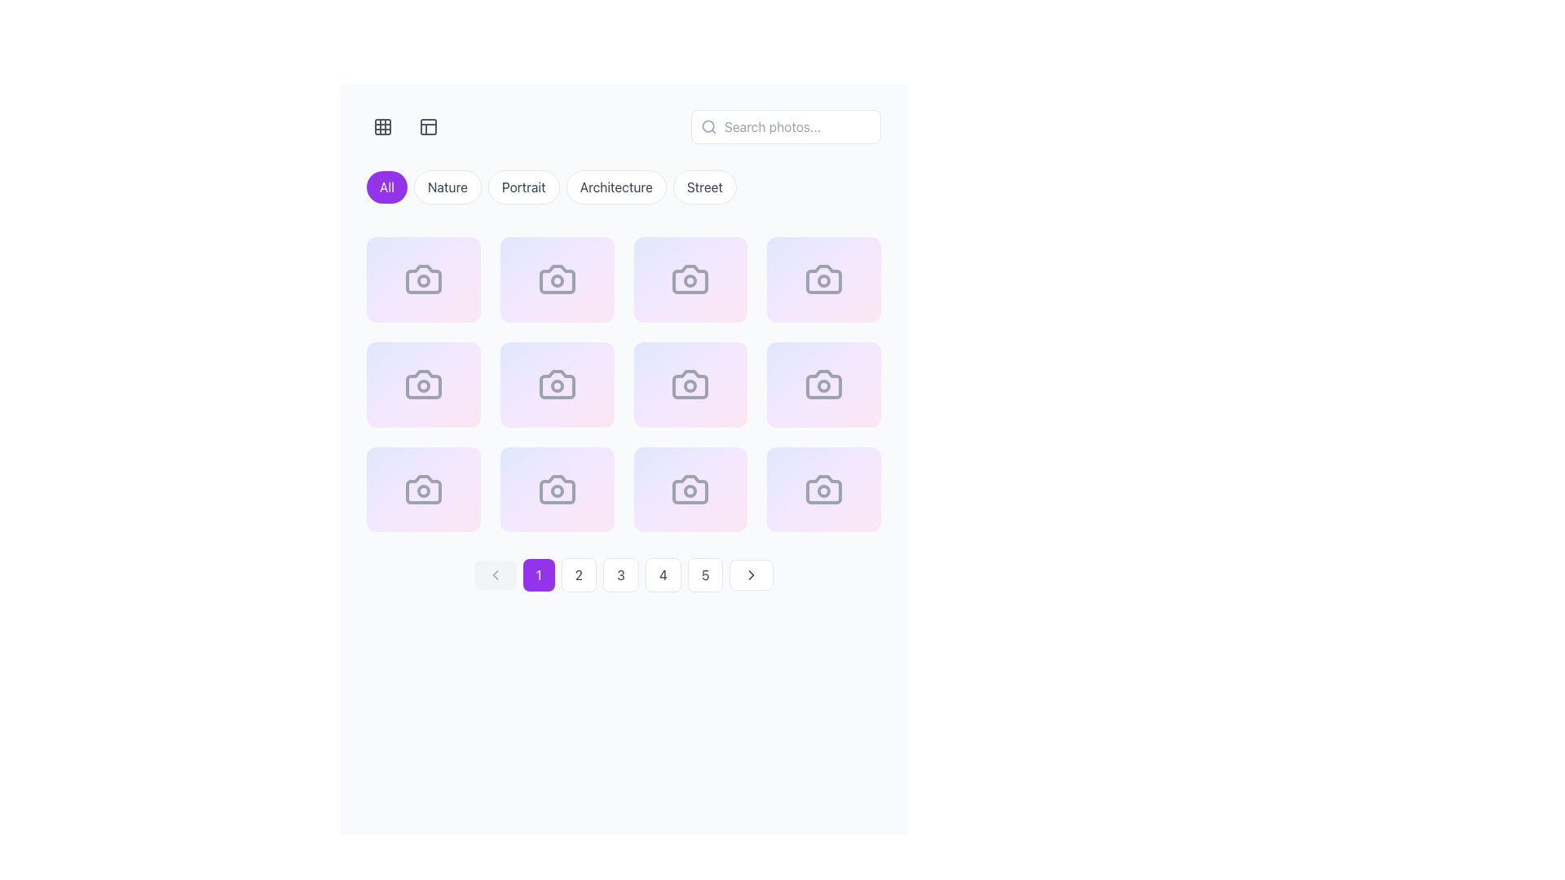 The height and width of the screenshot is (880, 1565). What do you see at coordinates (423, 279) in the screenshot?
I see `the camera icon located in the top-left quadrant of the grid layout` at bounding box center [423, 279].